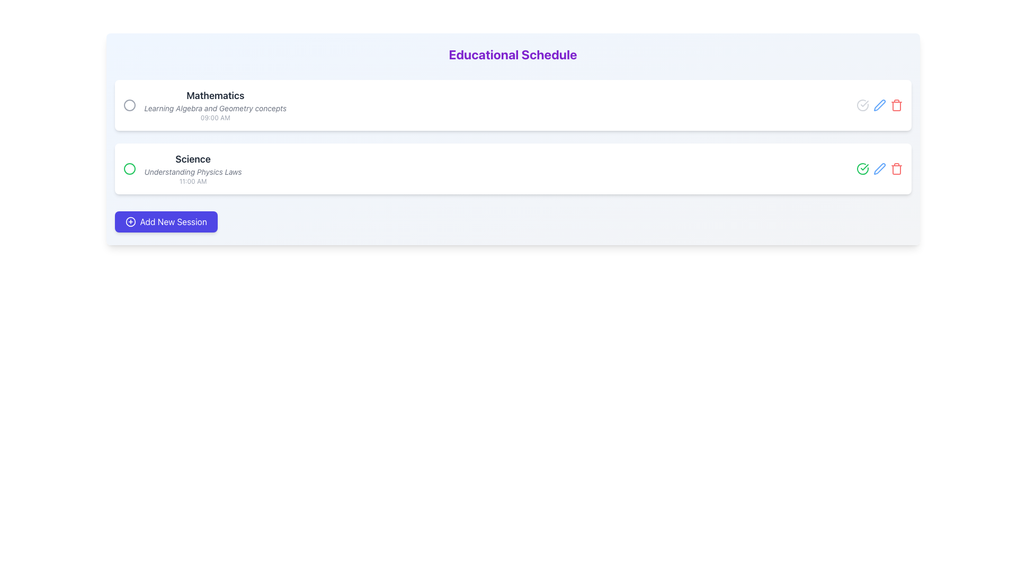 This screenshot has height=572, width=1017. What do you see at coordinates (193, 159) in the screenshot?
I see `the bold text label displaying 'Science' in dark gray font, which is prominently placed in the second item of a vertical list of educational sessions` at bounding box center [193, 159].